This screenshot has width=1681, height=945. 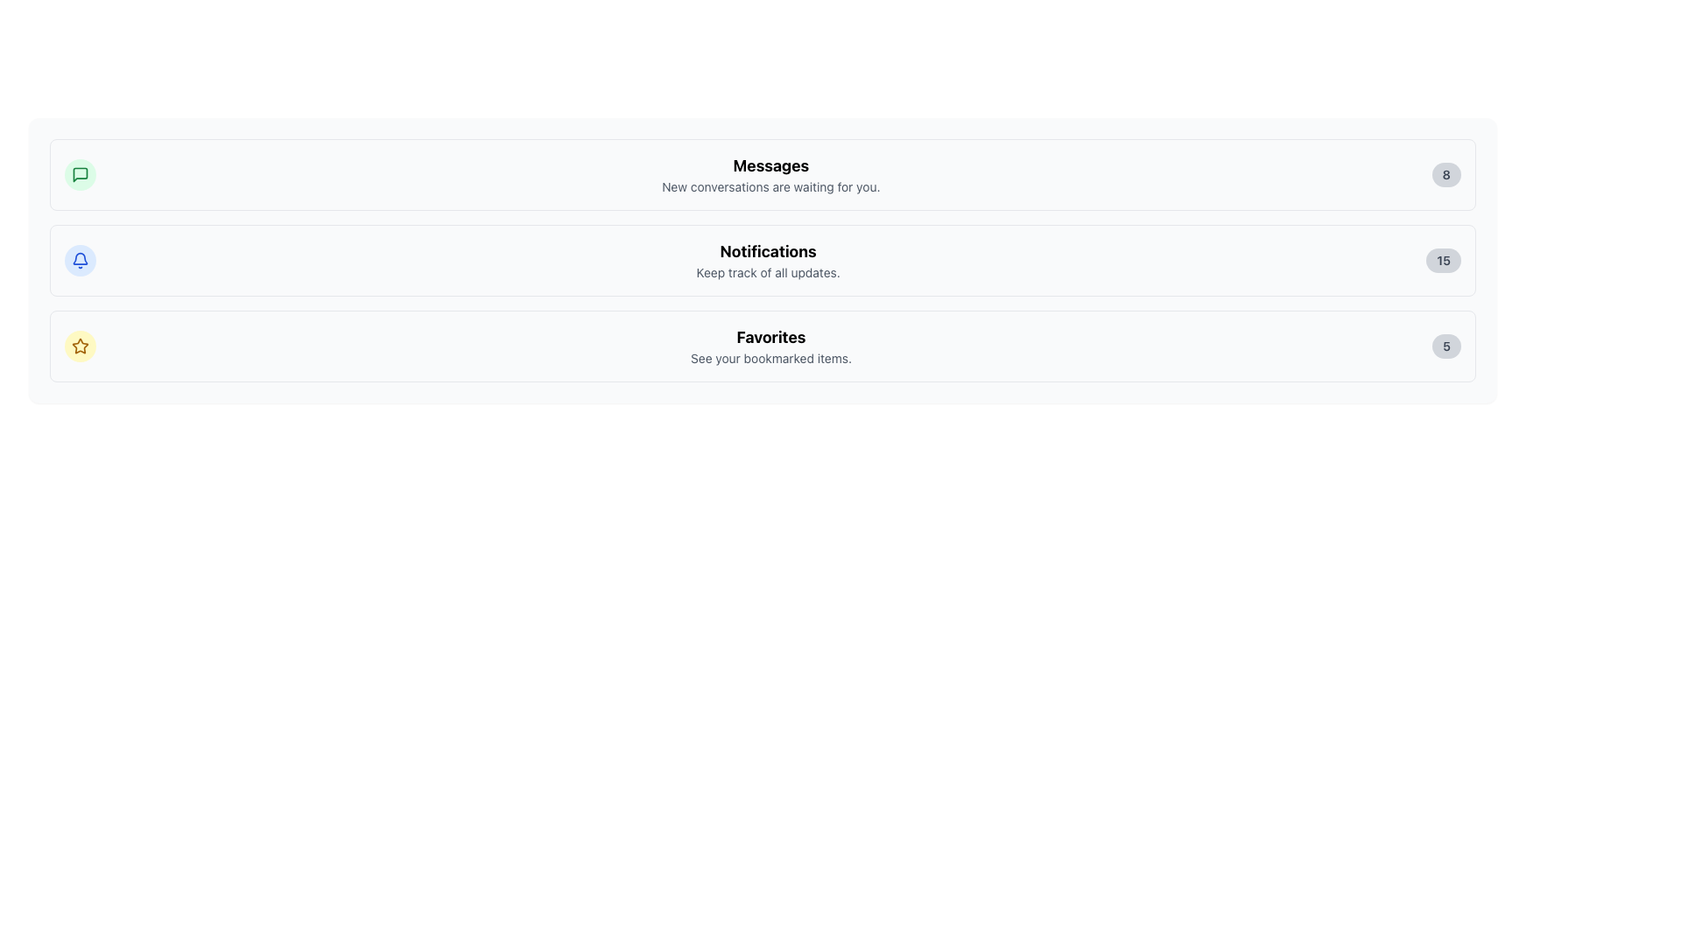 I want to click on the text label displaying the number '15' in bold dark gray text, located at the top-right corner of the notification card labeled 'Notifications Keep track of all updates.', so click(x=1444, y=260).